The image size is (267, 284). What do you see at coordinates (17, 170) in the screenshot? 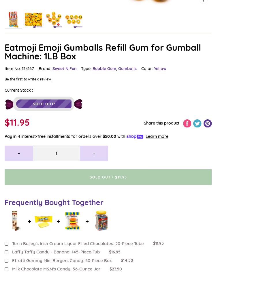
I see `'310-343-4099'` at bounding box center [17, 170].